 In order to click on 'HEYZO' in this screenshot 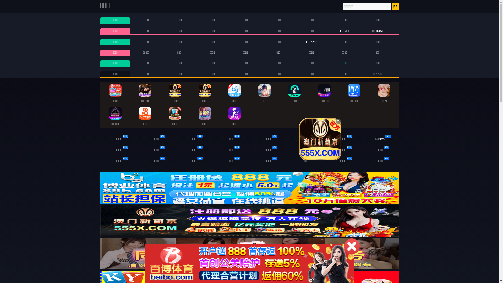, I will do `click(311, 41)`.